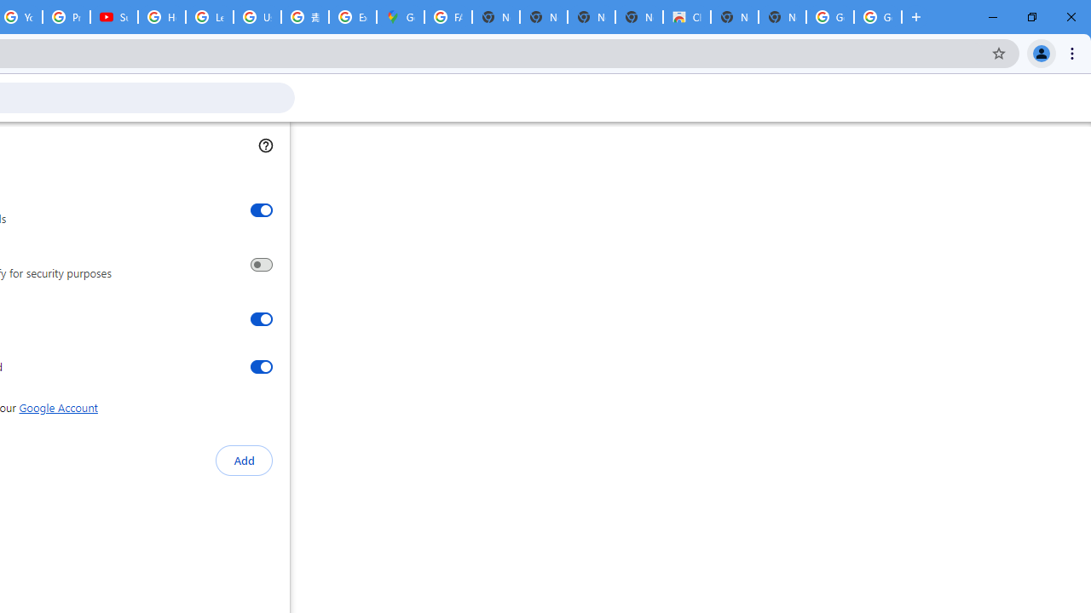 This screenshot has width=1091, height=613. Describe the element at coordinates (113, 17) in the screenshot. I see `'Subscriptions - YouTube'` at that location.